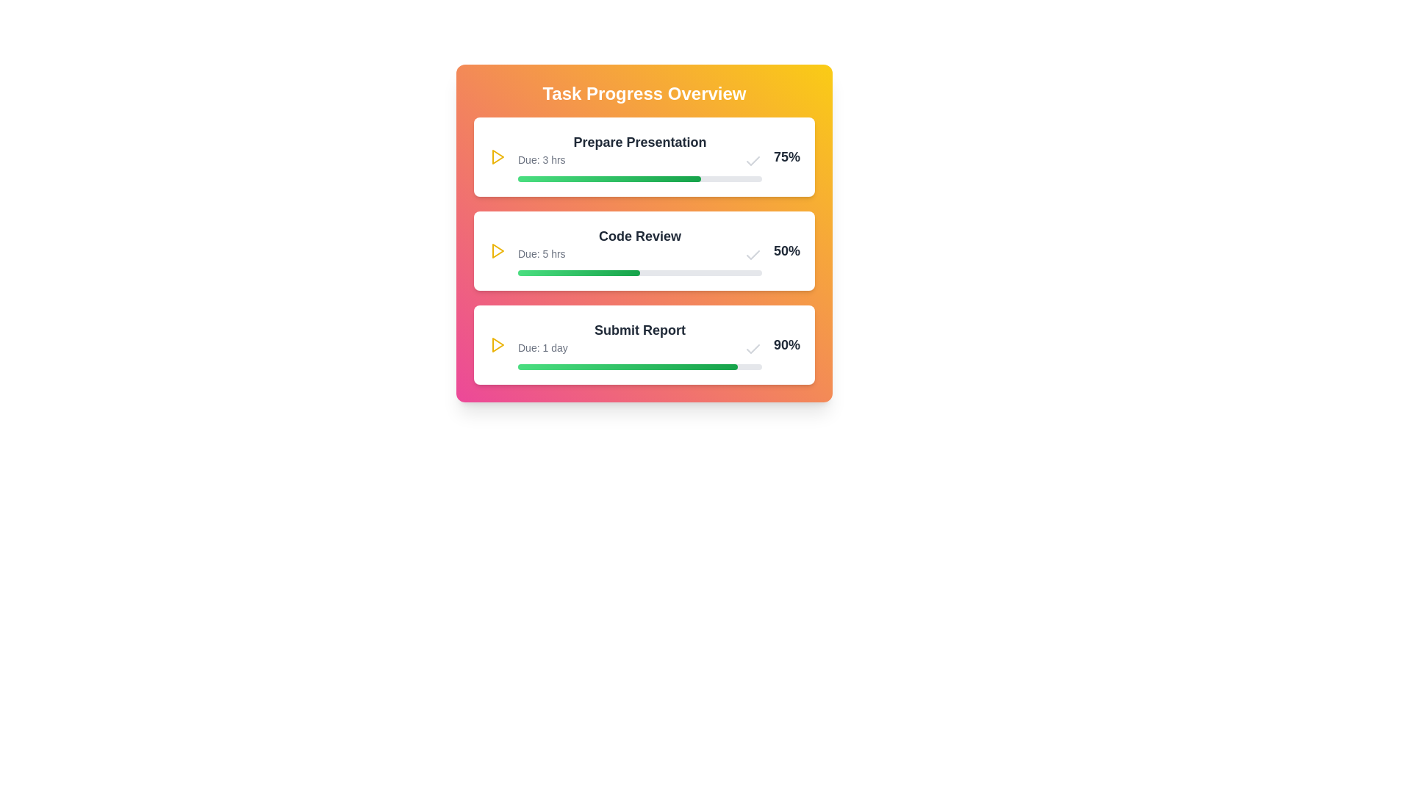 This screenshot has height=793, width=1411. Describe the element at coordinates (639, 142) in the screenshot. I see `the bold text label reading 'Prepare Presentation' located at the top of the card in the progress cards section` at that location.